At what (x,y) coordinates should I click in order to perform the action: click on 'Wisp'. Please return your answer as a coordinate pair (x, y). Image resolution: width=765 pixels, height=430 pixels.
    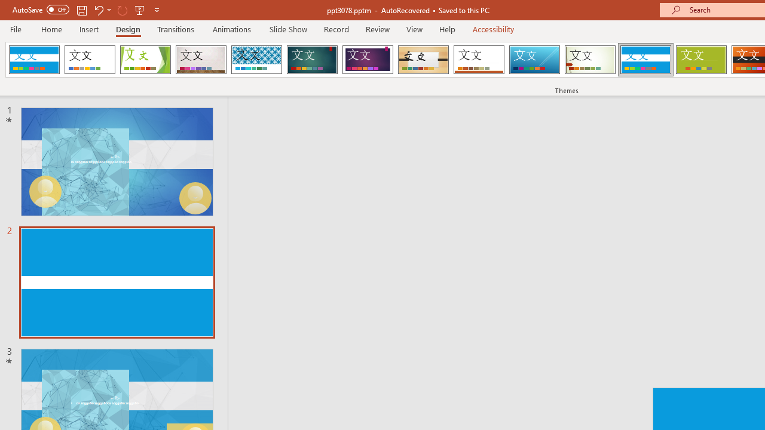
    Looking at the image, I should click on (590, 60).